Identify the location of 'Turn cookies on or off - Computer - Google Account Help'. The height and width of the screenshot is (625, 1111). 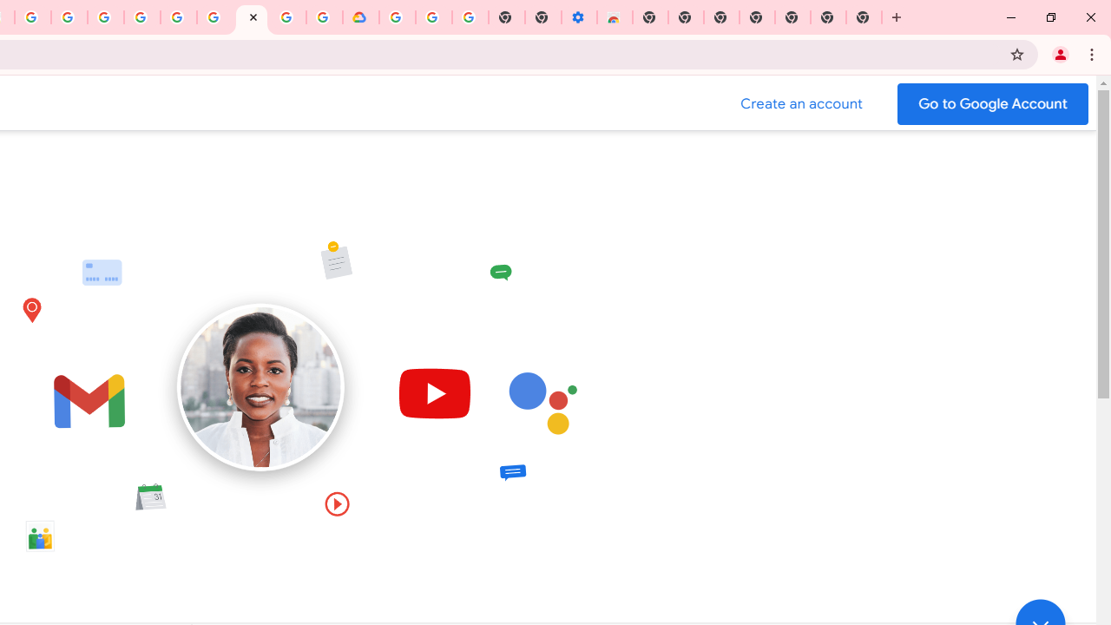
(470, 17).